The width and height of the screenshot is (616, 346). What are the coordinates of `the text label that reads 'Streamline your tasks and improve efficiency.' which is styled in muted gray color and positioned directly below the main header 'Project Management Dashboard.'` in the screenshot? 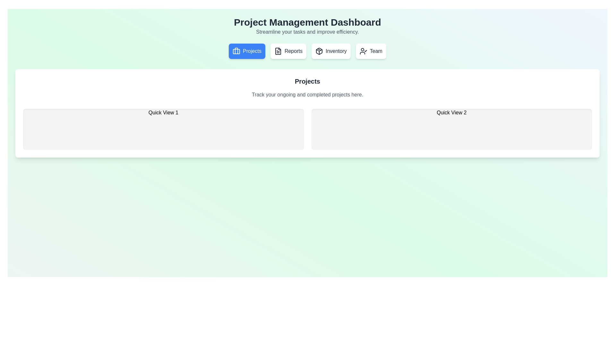 It's located at (307, 32).